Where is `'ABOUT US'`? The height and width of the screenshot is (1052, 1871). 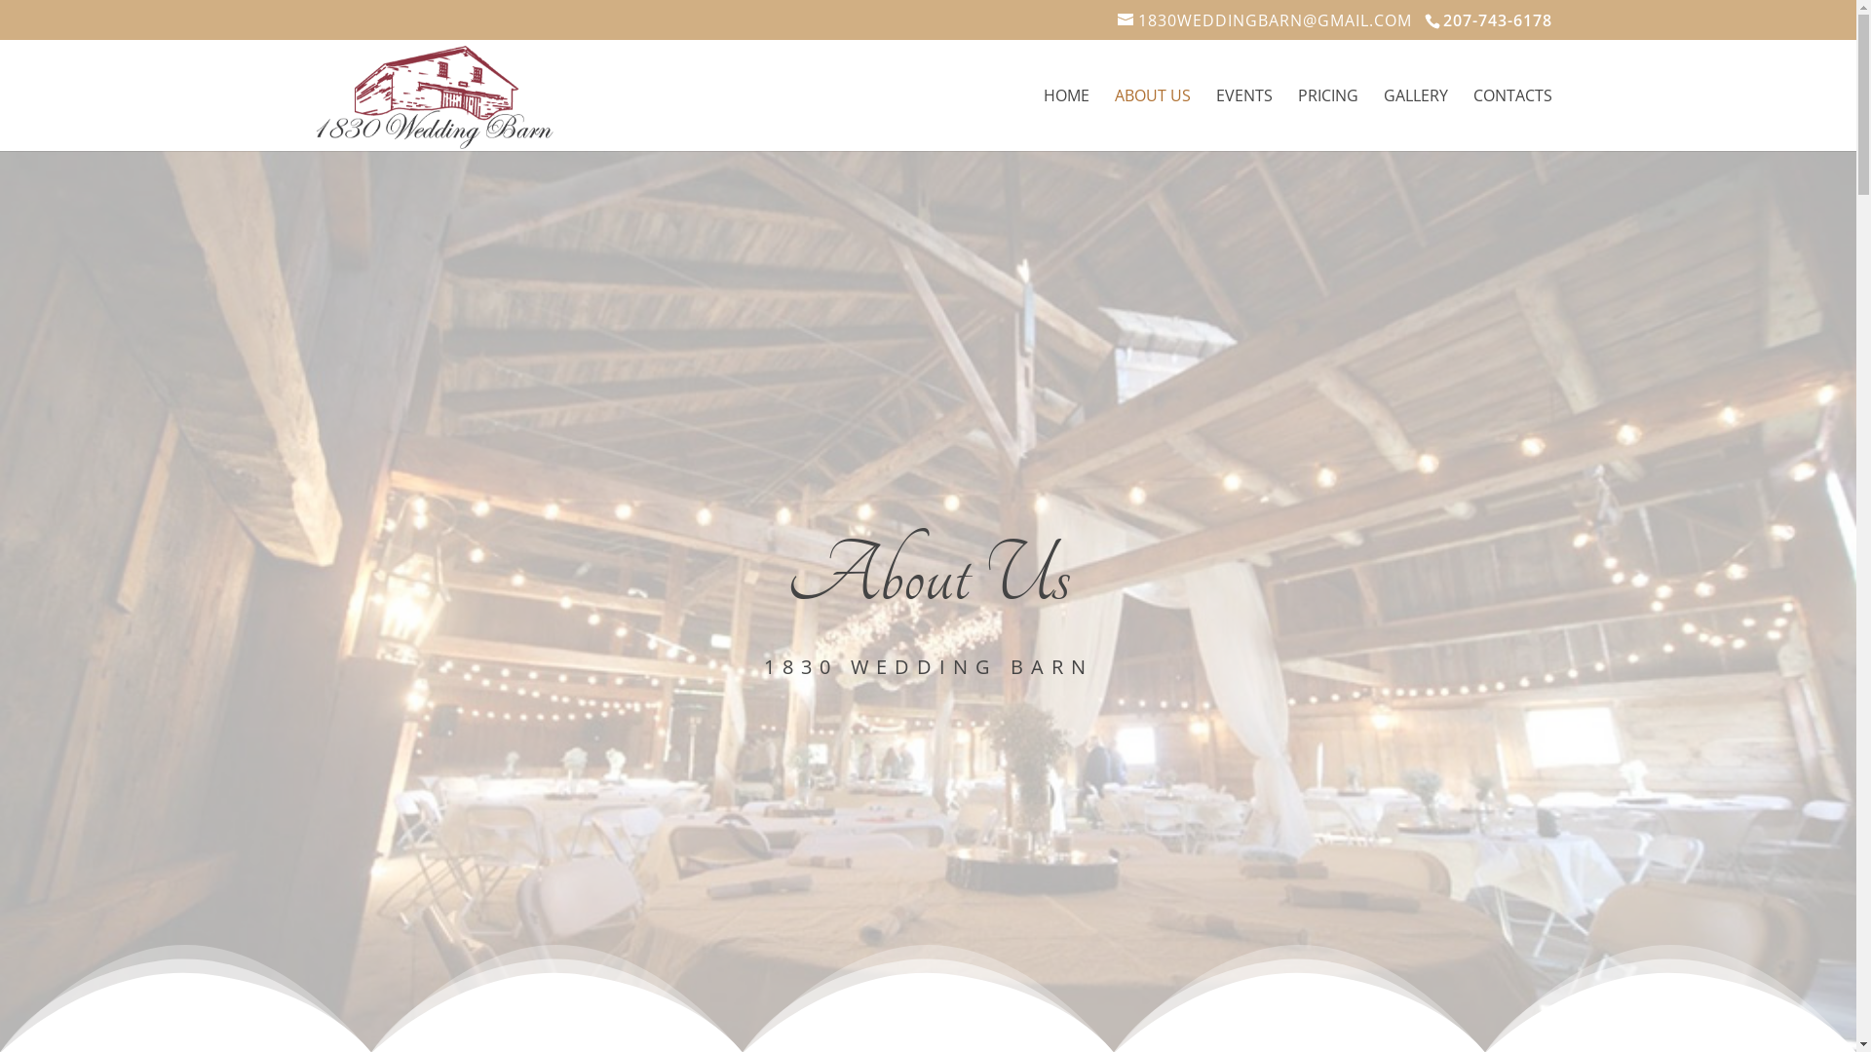 'ABOUT US' is located at coordinates (1152, 120).